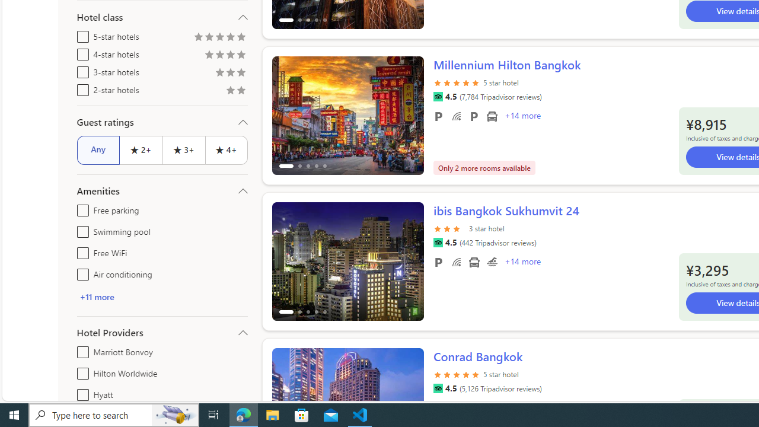 This screenshot has height=427, width=759. Describe the element at coordinates (80, 52) in the screenshot. I see `'4-star hotels'` at that location.